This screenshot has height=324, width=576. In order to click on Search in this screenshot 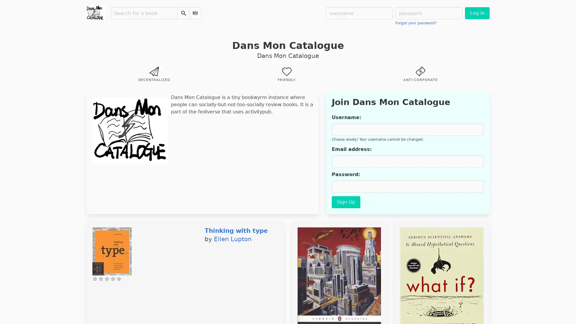, I will do `click(183, 13)`.